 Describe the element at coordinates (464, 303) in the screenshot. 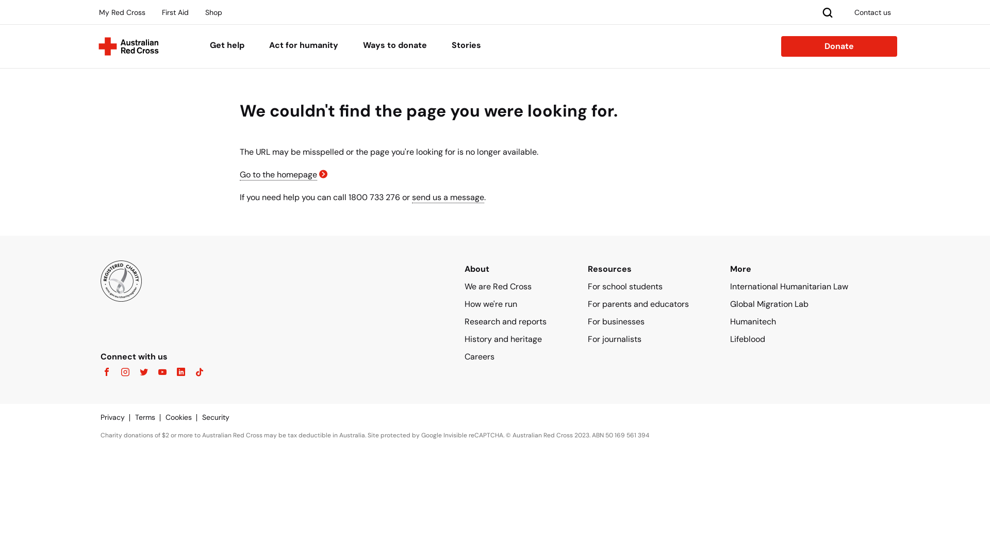

I see `'How we're run'` at that location.